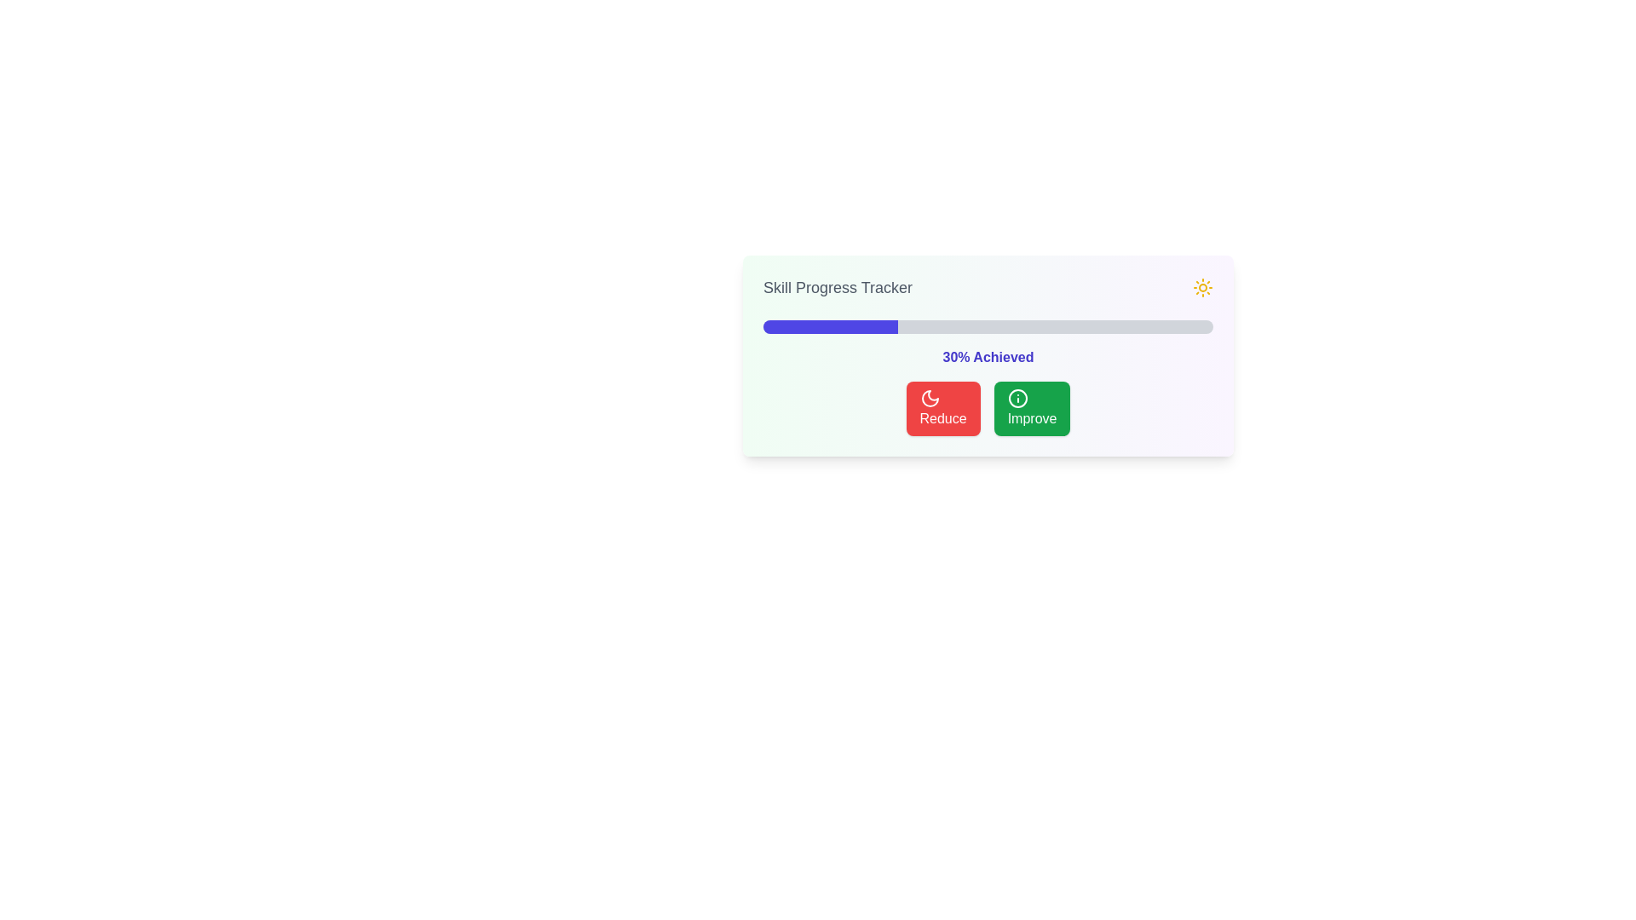  Describe the element at coordinates (942, 408) in the screenshot. I see `the leftmost red button labeled 'Reduce' with a moon icon, located below the progress bar in the 'Skill Progress Tracker' interface` at that location.